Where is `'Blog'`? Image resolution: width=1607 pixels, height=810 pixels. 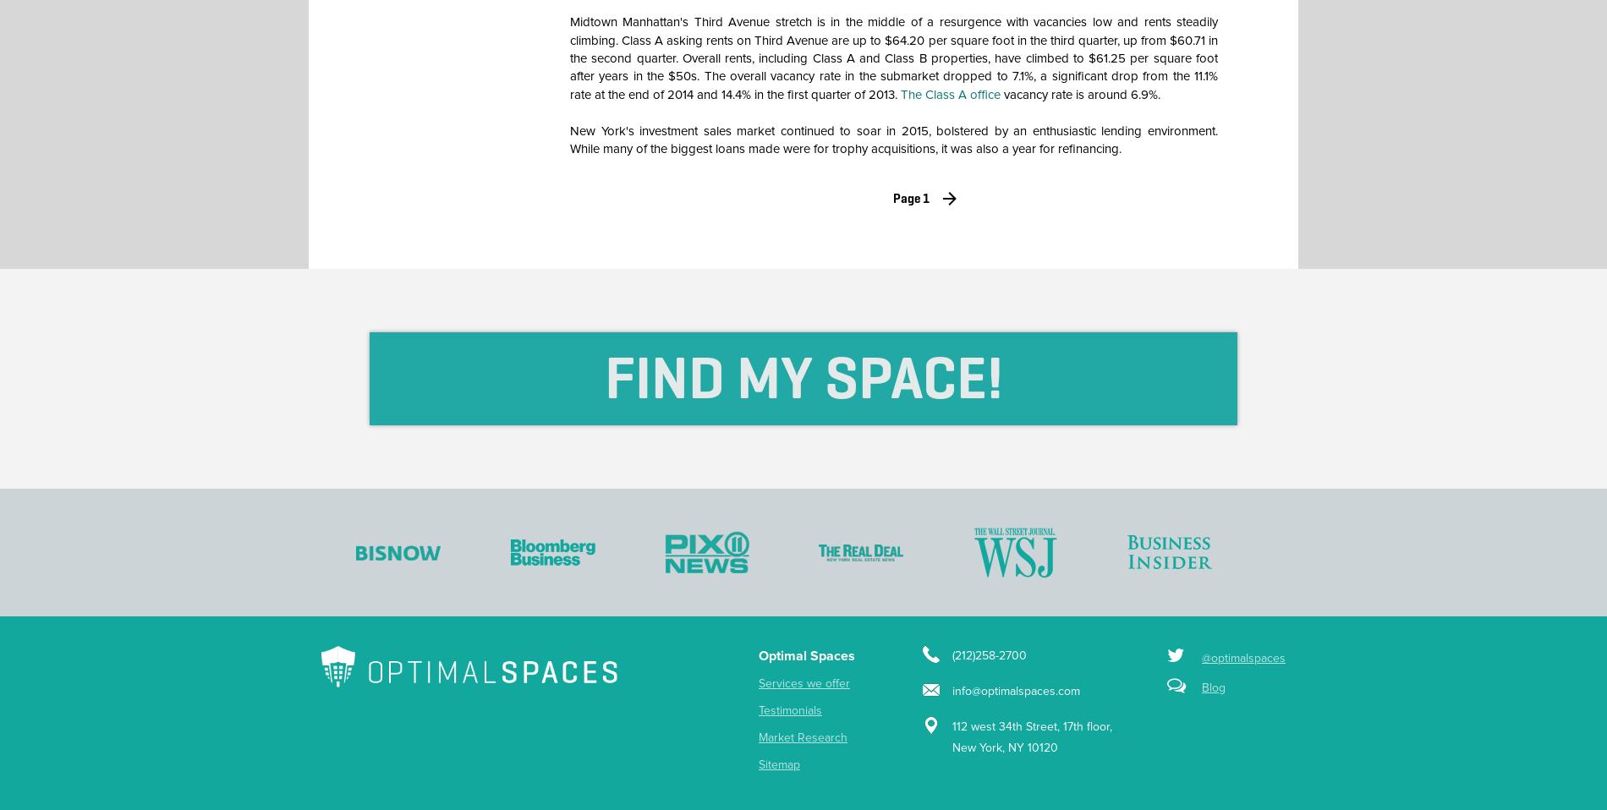 'Blog' is located at coordinates (1201, 686).